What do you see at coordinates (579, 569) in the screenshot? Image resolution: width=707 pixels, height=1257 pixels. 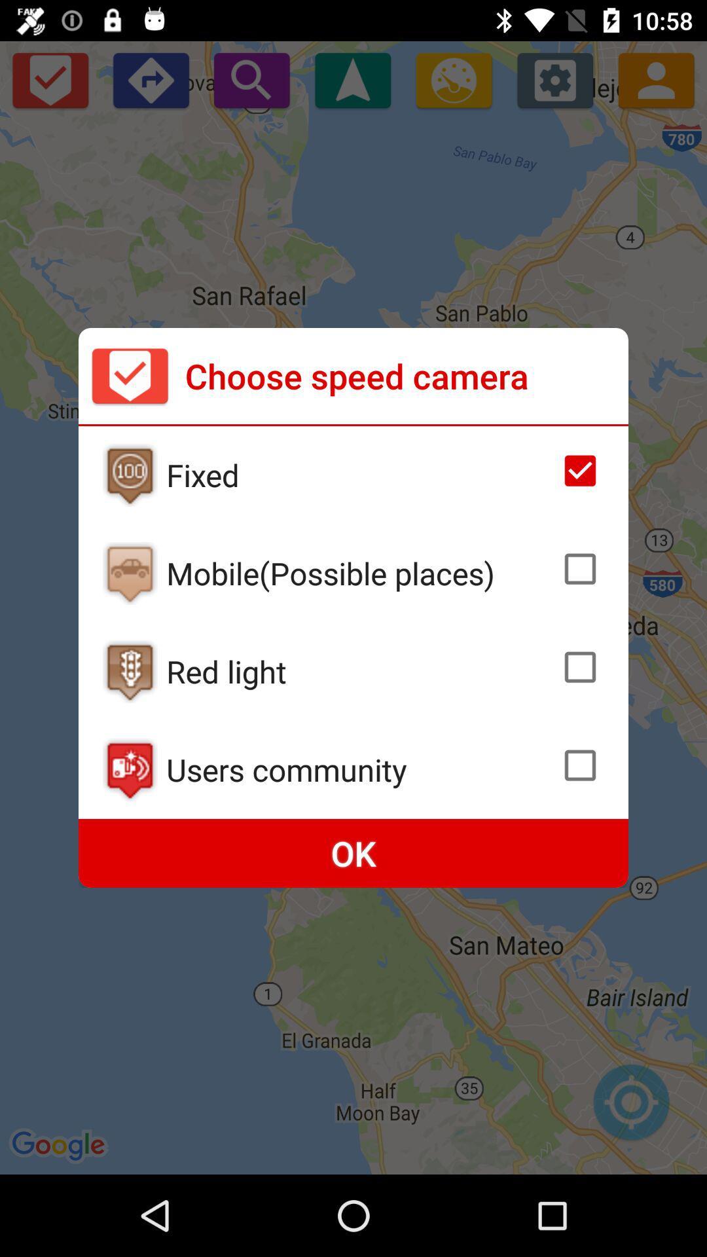 I see `choose your choice` at bounding box center [579, 569].